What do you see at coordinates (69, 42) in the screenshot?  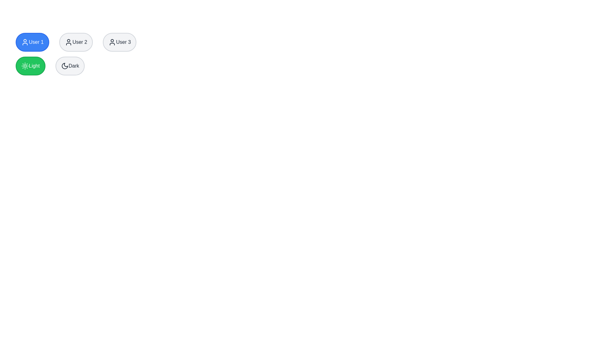 I see `the user icon located at the top-left region of the 'User 2' button` at bounding box center [69, 42].